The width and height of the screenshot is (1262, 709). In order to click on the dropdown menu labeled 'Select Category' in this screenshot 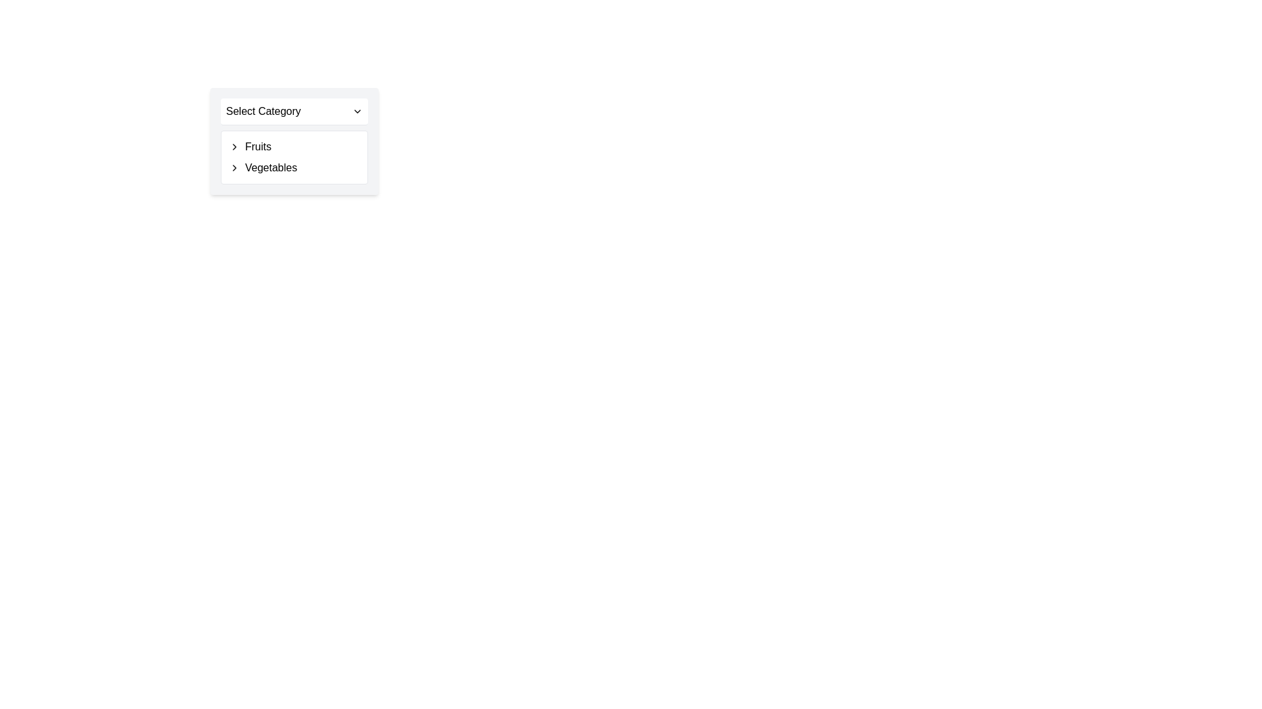, I will do `click(293, 141)`.